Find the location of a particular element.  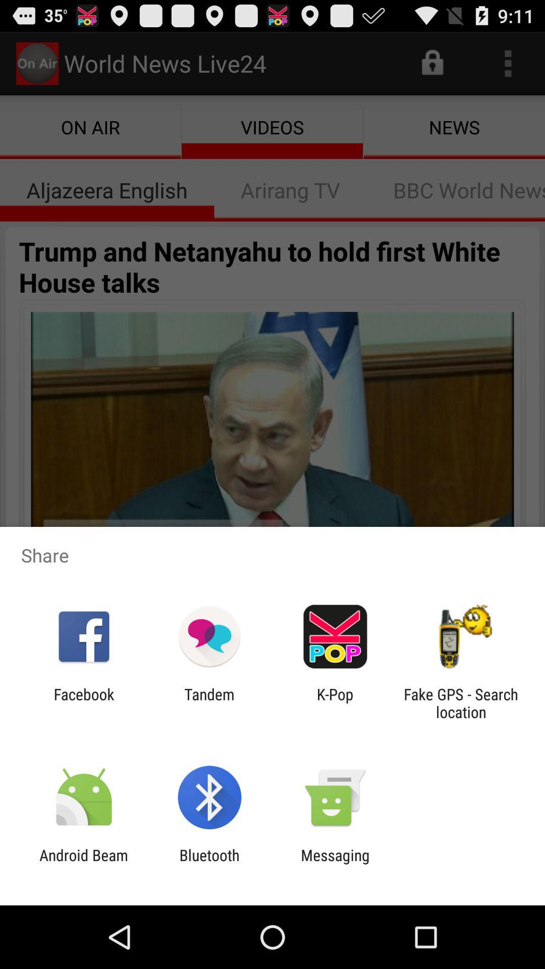

the app to the right of k-pop app is located at coordinates (461, 703).